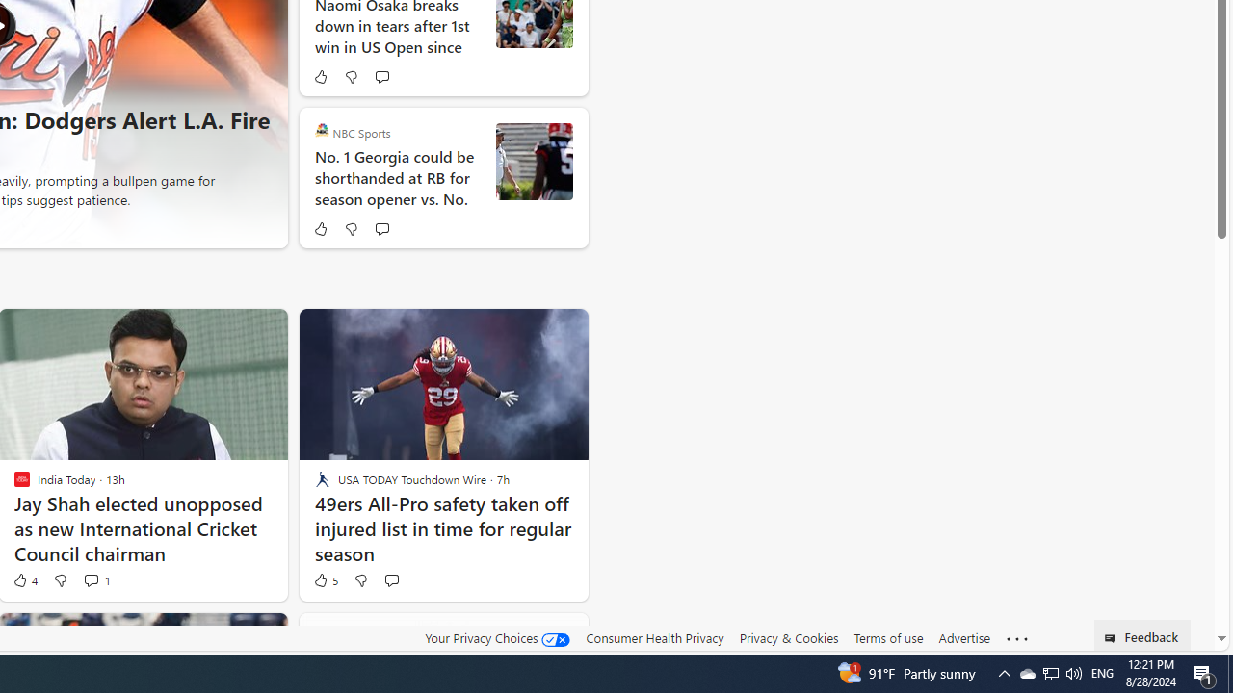 This screenshot has width=1233, height=693. What do you see at coordinates (360, 578) in the screenshot?
I see `'Dislike'` at bounding box center [360, 578].